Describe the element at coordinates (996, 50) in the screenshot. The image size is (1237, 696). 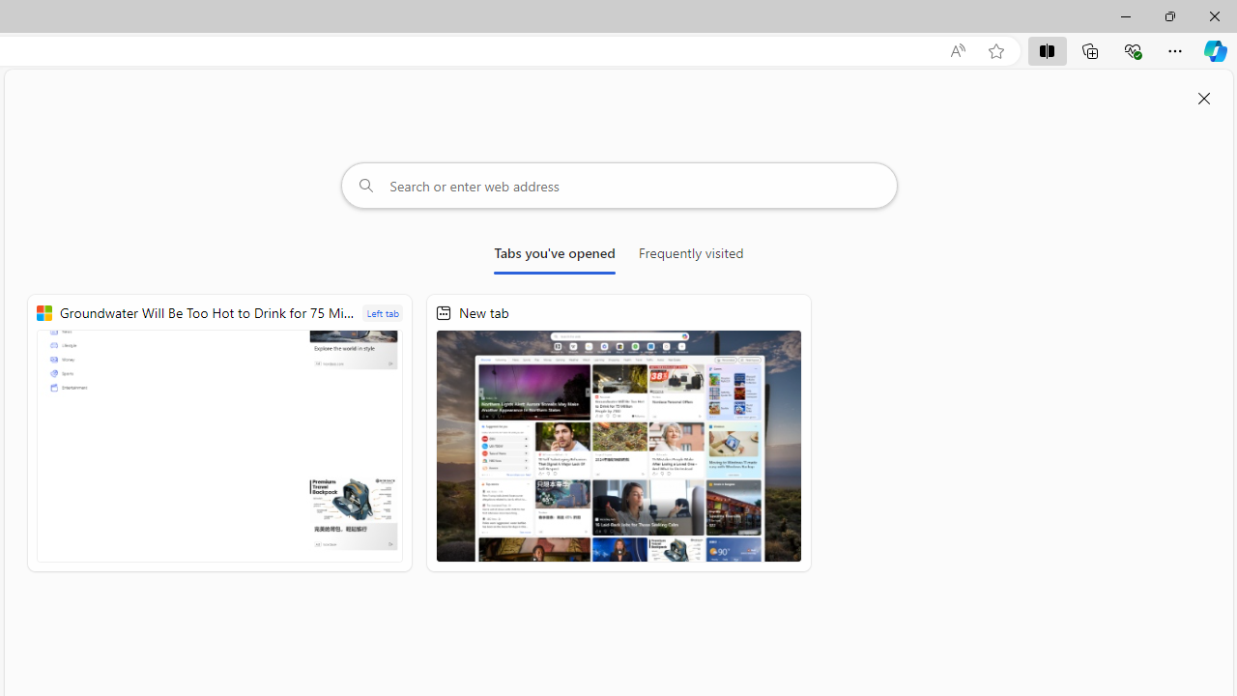
I see `'Add this page to favorites (Ctrl+D)'` at that location.